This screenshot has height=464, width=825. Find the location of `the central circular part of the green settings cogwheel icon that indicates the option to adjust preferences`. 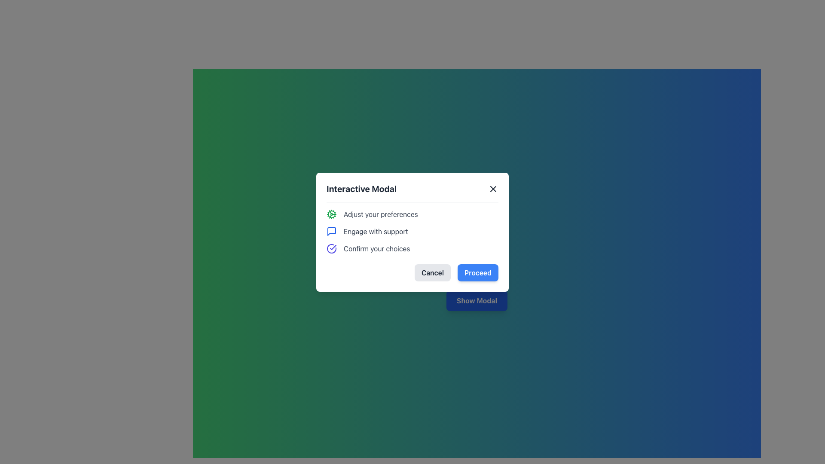

the central circular part of the green settings cogwheel icon that indicates the option to adjust preferences is located at coordinates (331, 214).